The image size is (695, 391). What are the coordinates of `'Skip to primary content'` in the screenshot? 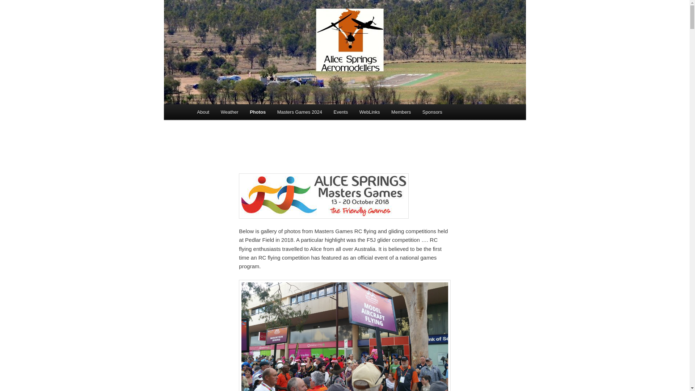 It's located at (0, 0).